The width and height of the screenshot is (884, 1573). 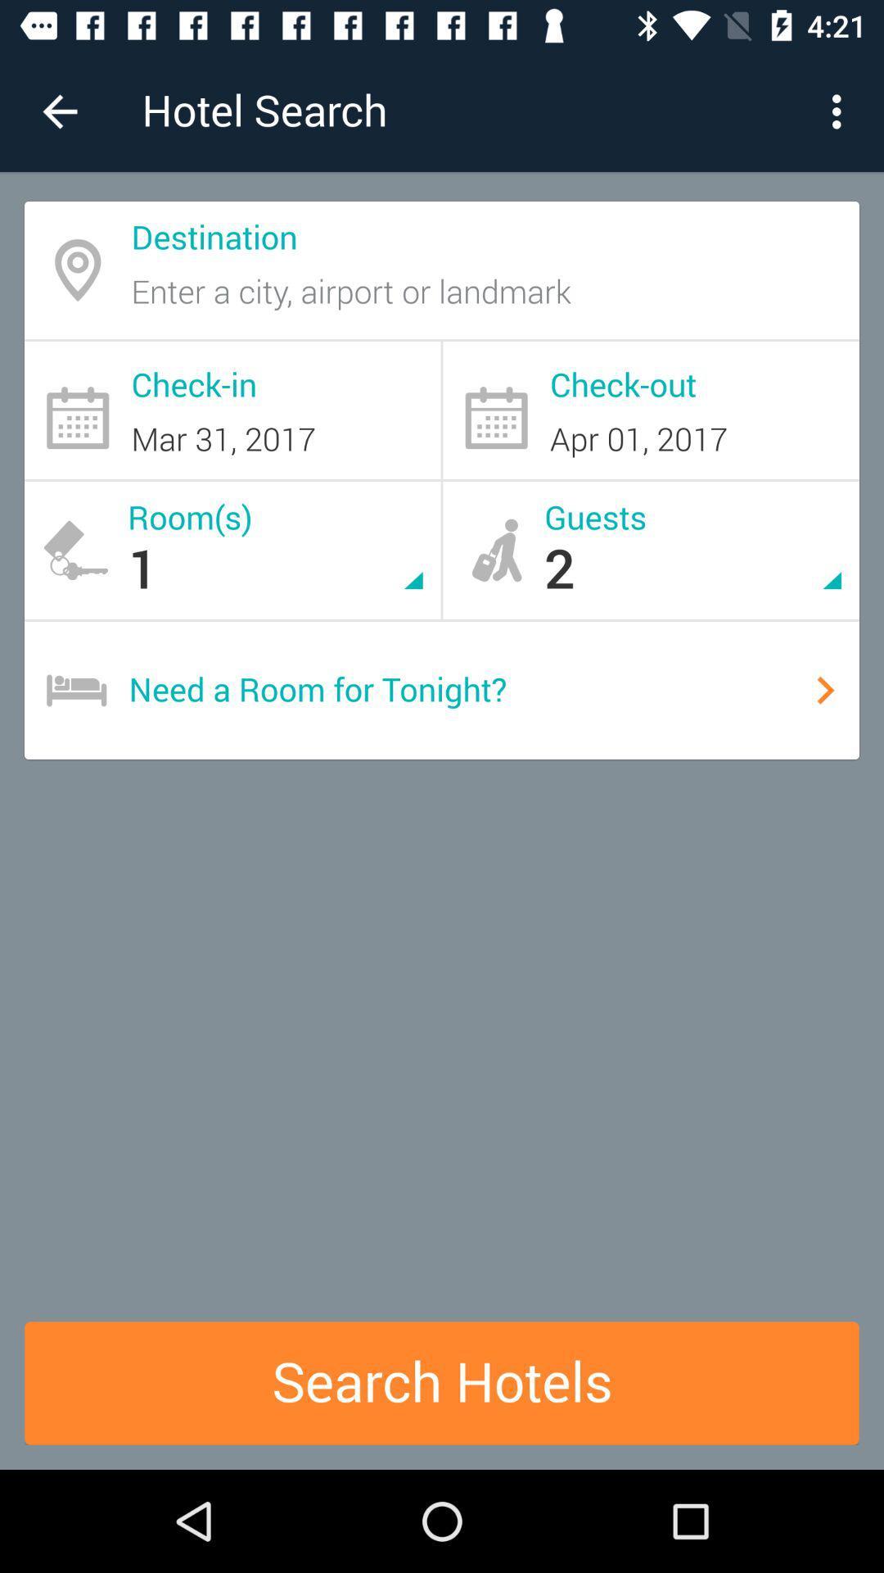 What do you see at coordinates (442, 1382) in the screenshot?
I see `the search hotels icon` at bounding box center [442, 1382].